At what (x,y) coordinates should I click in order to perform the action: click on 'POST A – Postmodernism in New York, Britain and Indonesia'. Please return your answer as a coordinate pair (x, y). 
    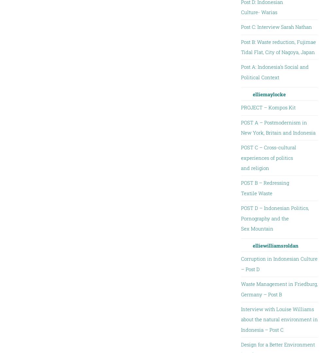
    Looking at the image, I should click on (278, 127).